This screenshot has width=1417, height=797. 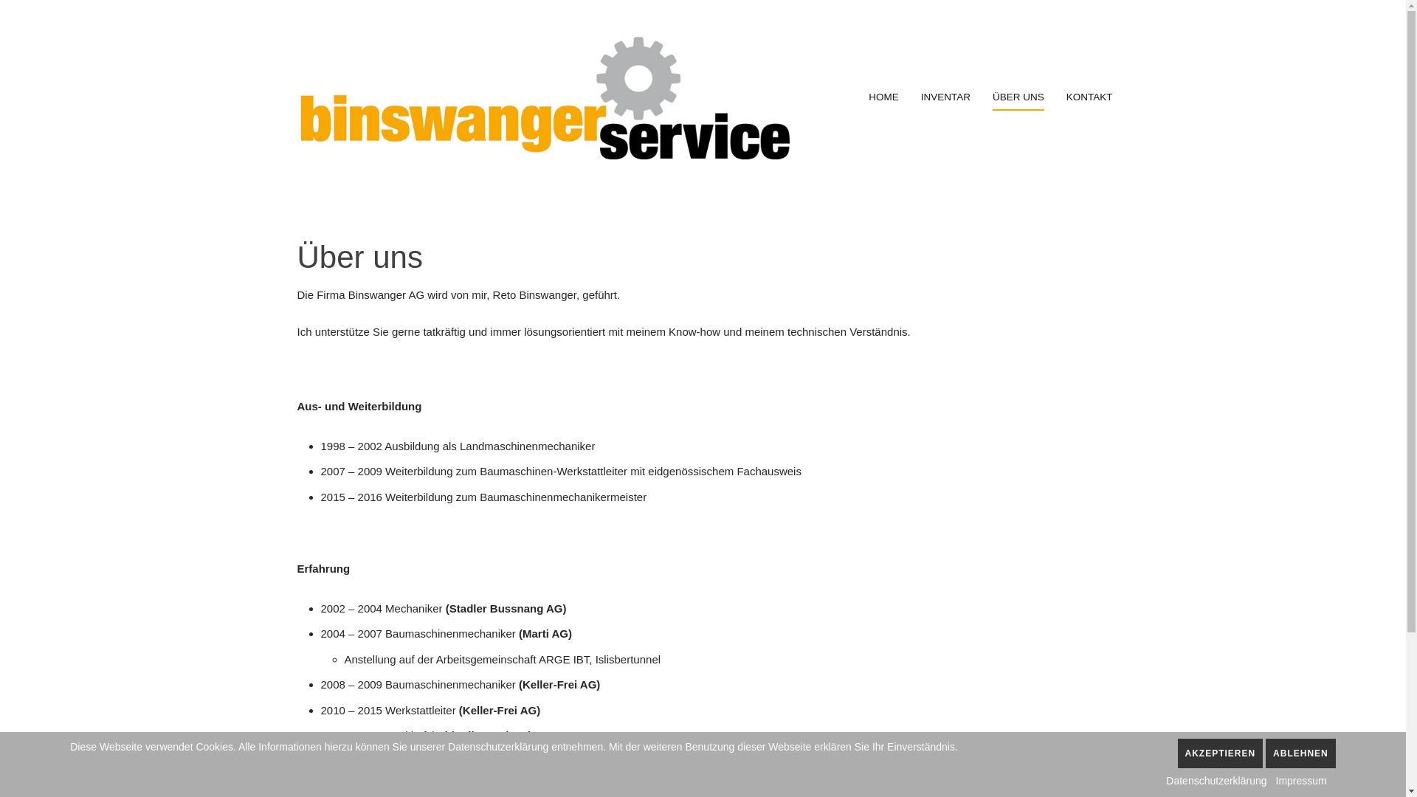 What do you see at coordinates (883, 97) in the screenshot?
I see `'HOME'` at bounding box center [883, 97].